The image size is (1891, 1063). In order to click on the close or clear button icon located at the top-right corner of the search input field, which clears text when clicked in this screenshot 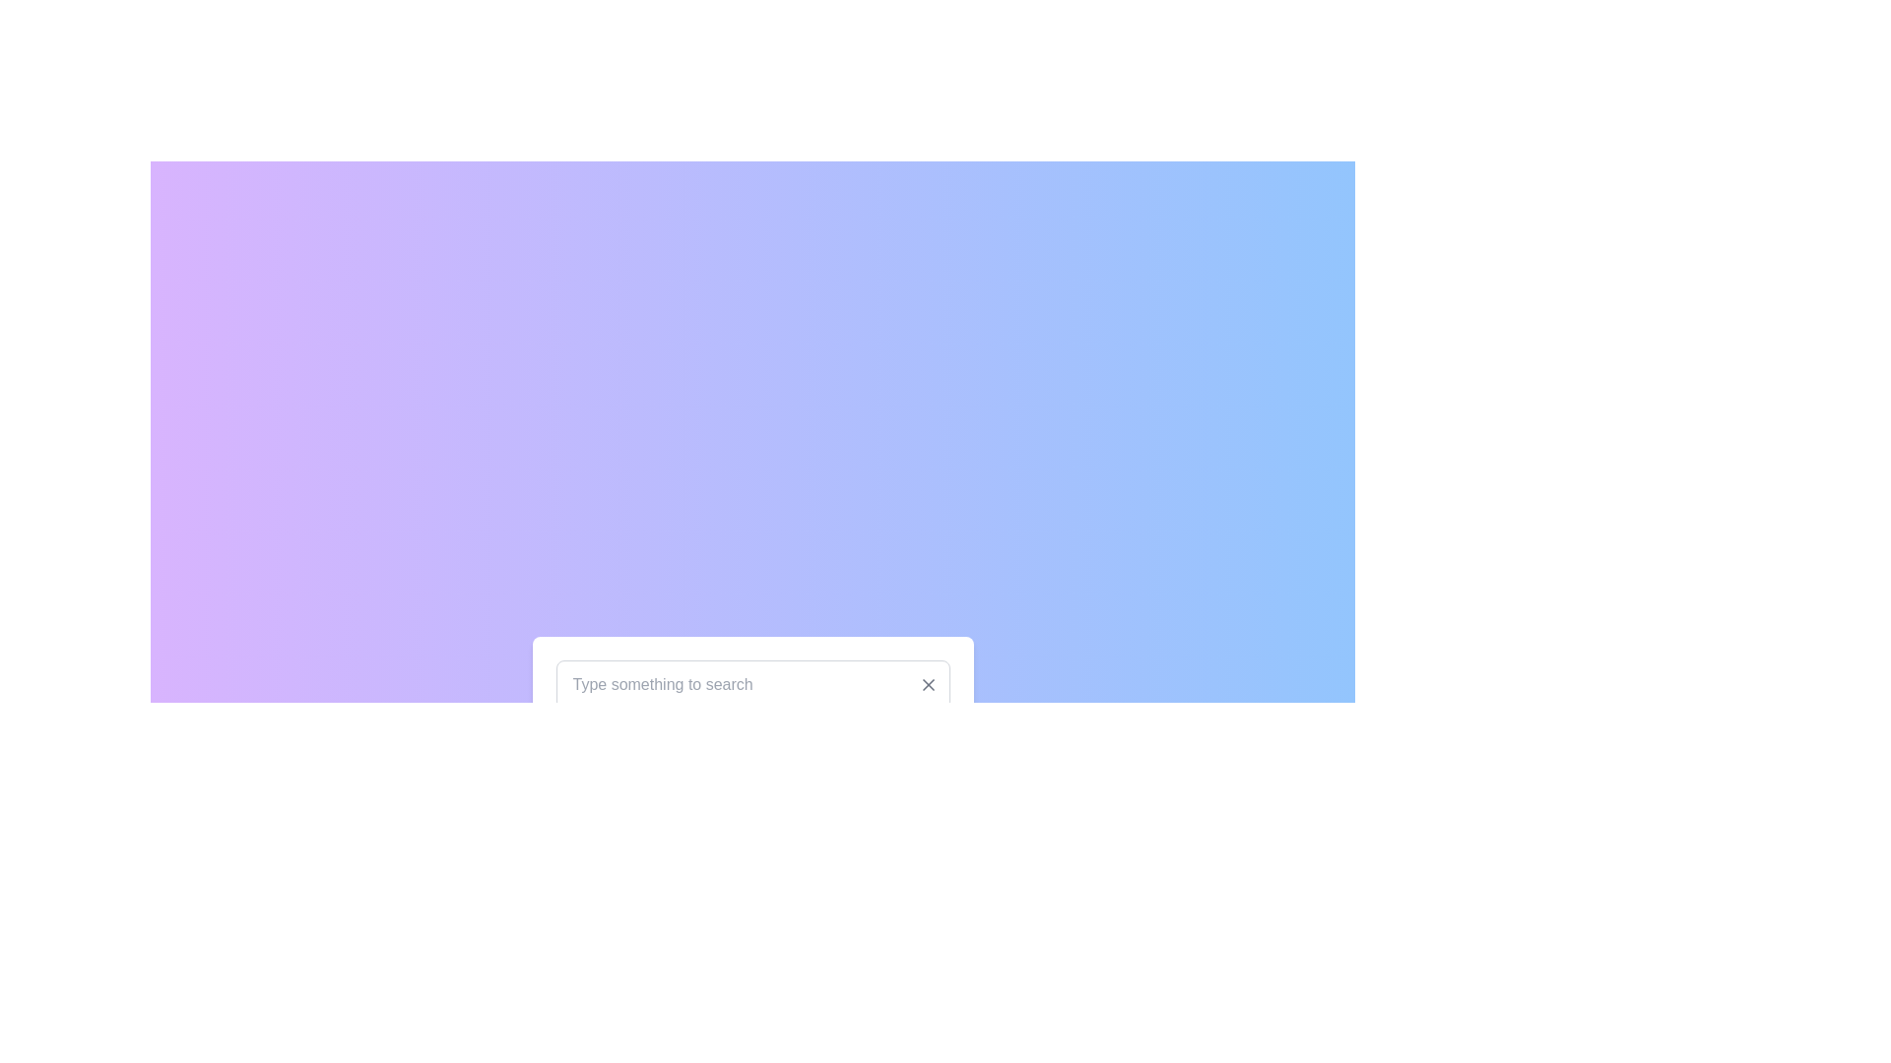, I will do `click(927, 683)`.